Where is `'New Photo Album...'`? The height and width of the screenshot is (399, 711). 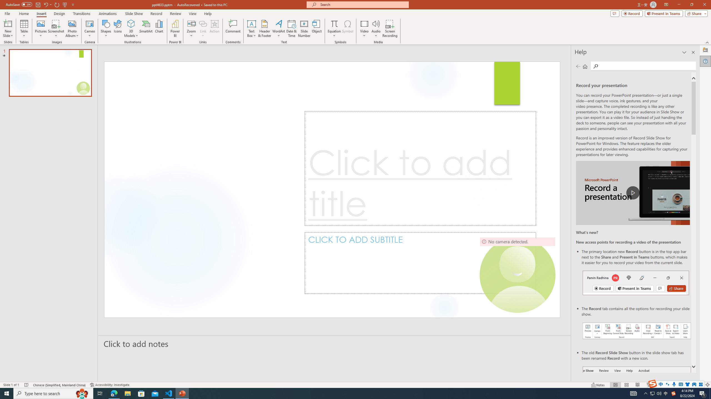
'New Photo Album...' is located at coordinates (72, 23).